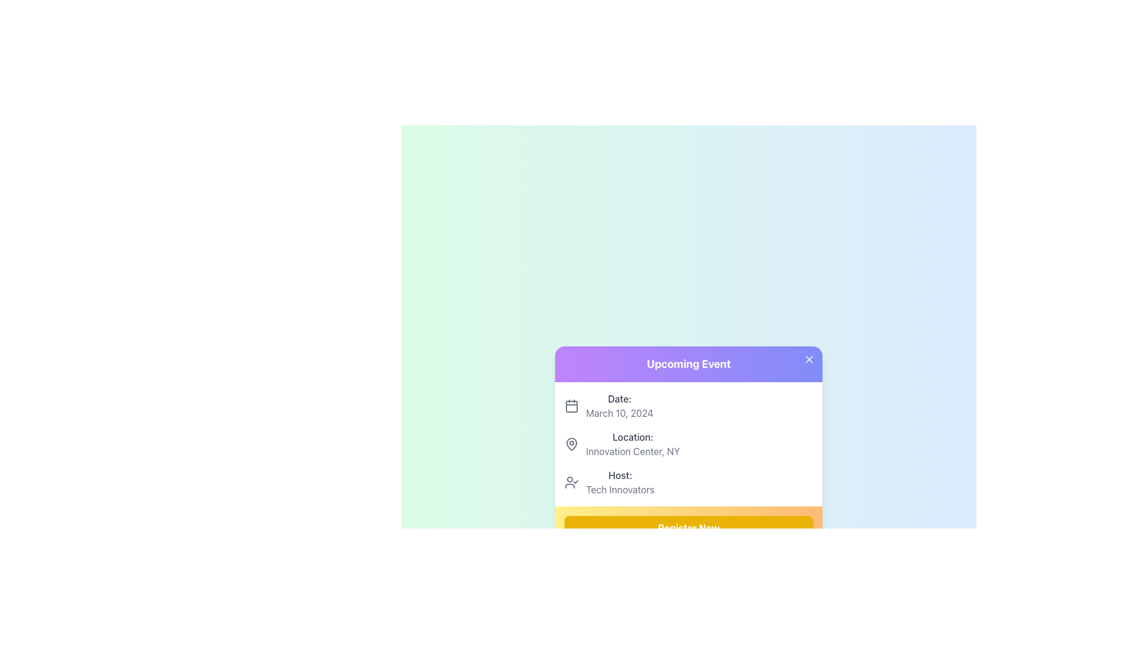 Image resolution: width=1146 pixels, height=645 pixels. What do you see at coordinates (620, 412) in the screenshot?
I see `date text element located to the right of the label 'Date:' within the event details card` at bounding box center [620, 412].